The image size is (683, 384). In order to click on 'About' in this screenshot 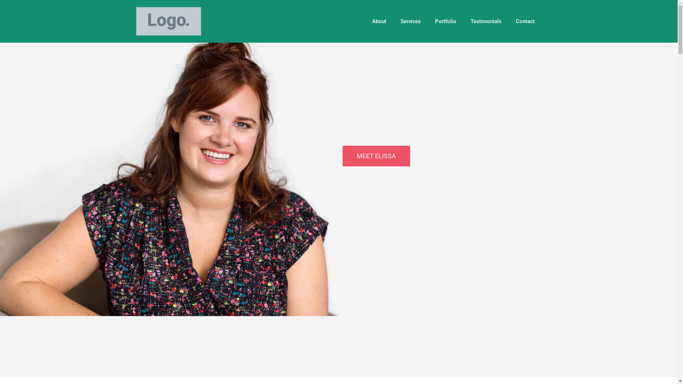, I will do `click(378, 21)`.